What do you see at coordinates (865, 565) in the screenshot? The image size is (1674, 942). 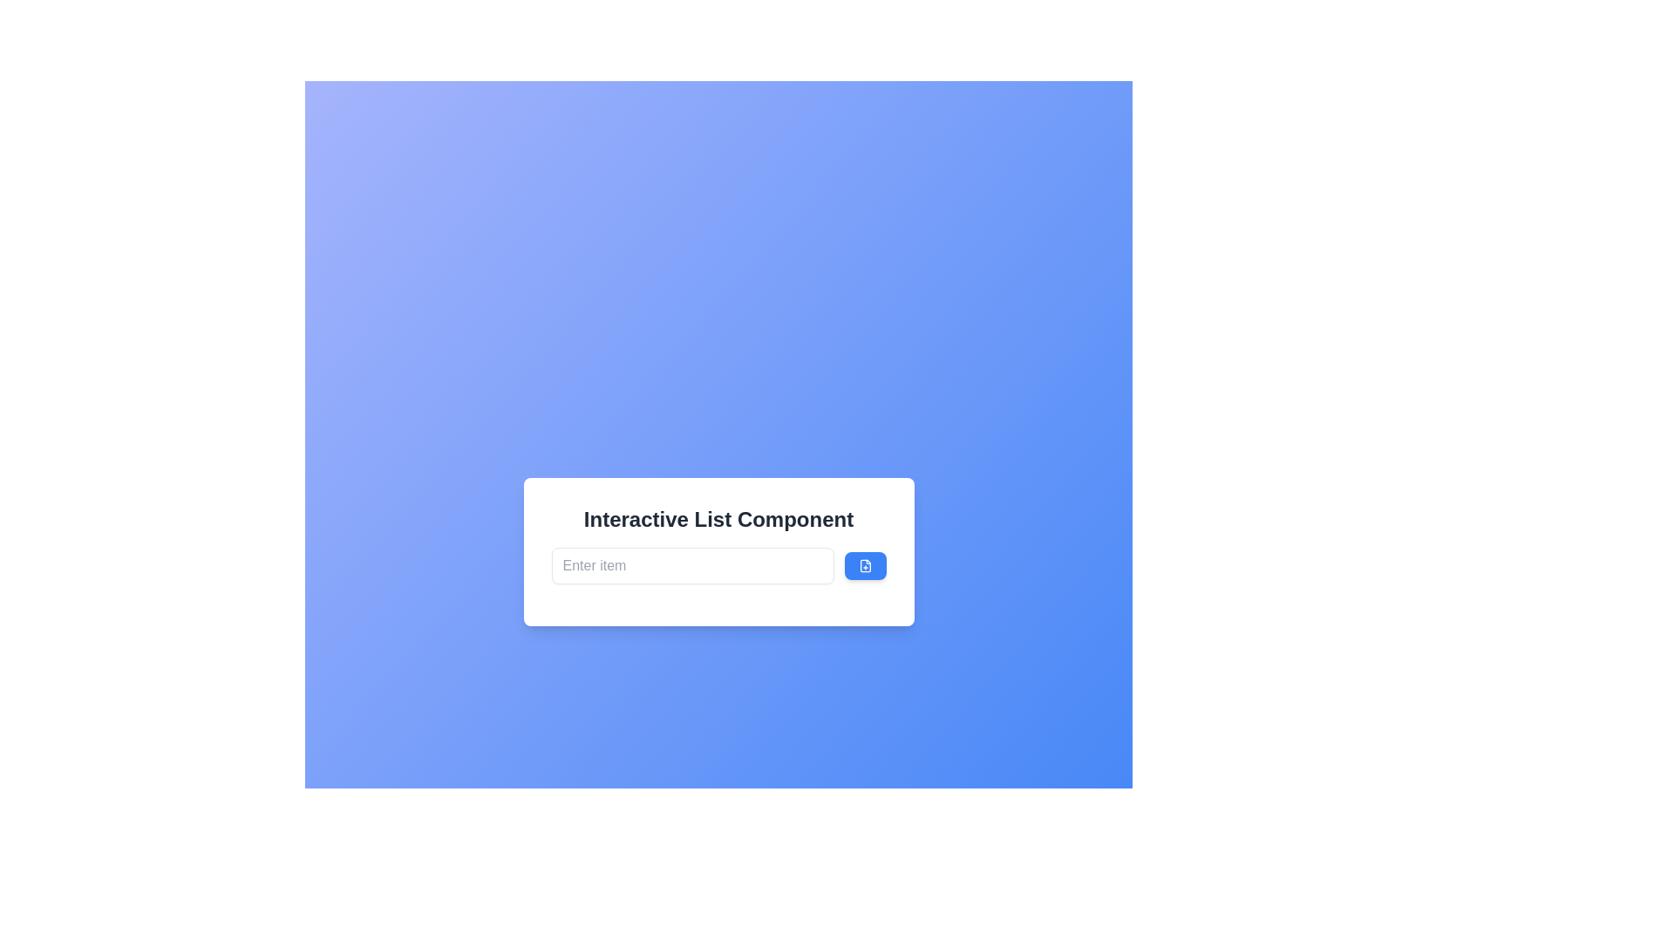 I see `the small square-shaped button with a blue background and a white document icon with a plus sign` at bounding box center [865, 565].